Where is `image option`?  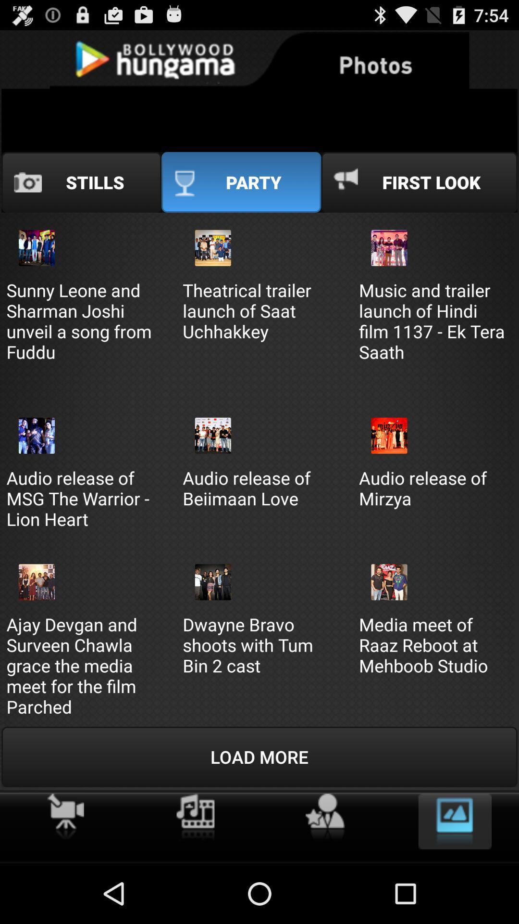
image option is located at coordinates (454, 821).